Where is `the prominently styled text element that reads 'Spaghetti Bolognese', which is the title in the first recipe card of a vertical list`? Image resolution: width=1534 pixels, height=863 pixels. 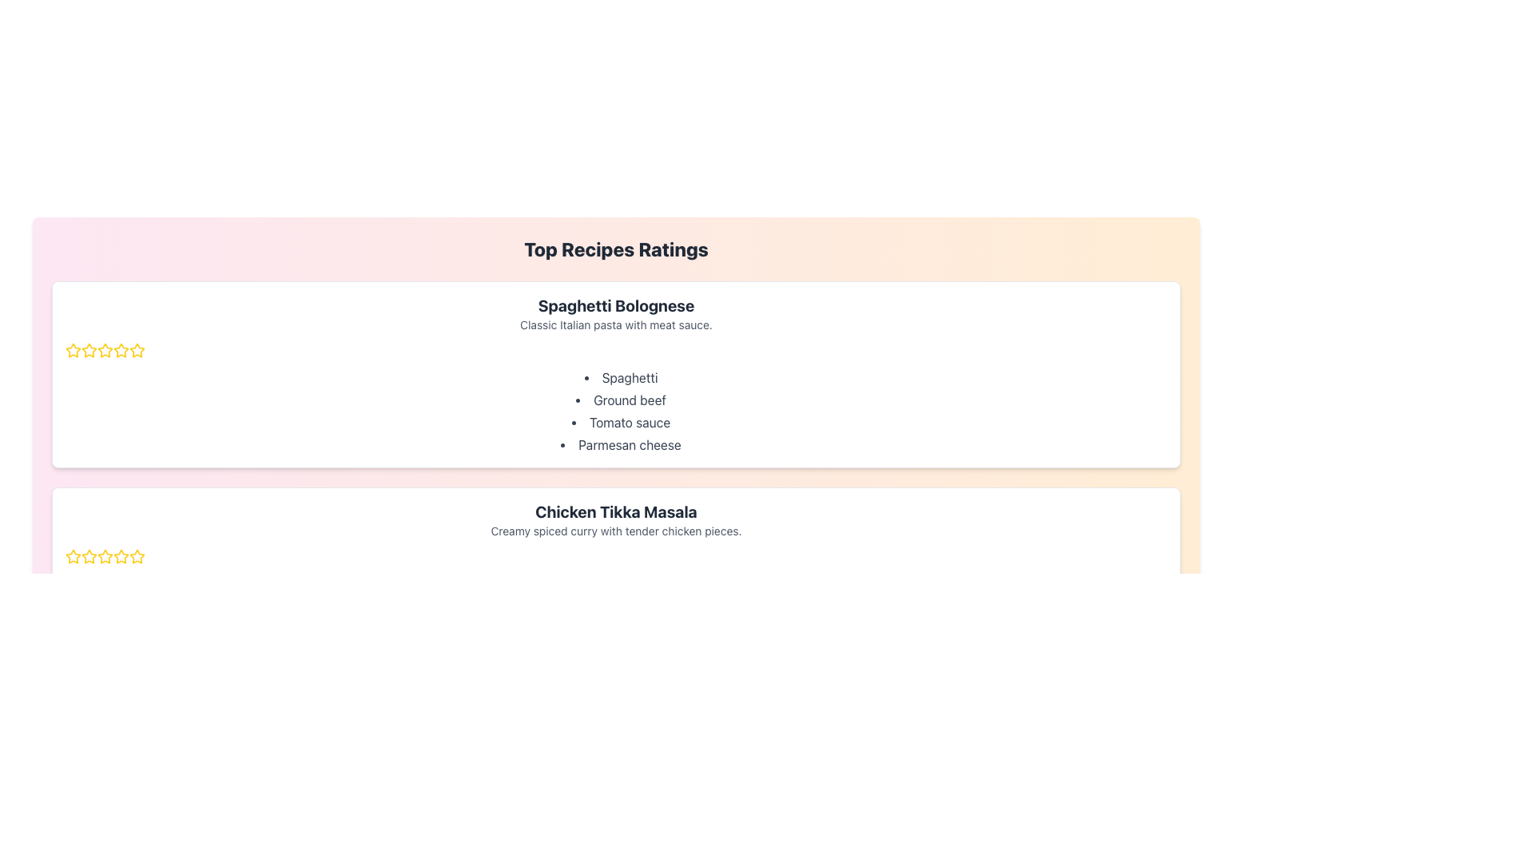
the prominently styled text element that reads 'Spaghetti Bolognese', which is the title in the first recipe card of a vertical list is located at coordinates (615, 305).